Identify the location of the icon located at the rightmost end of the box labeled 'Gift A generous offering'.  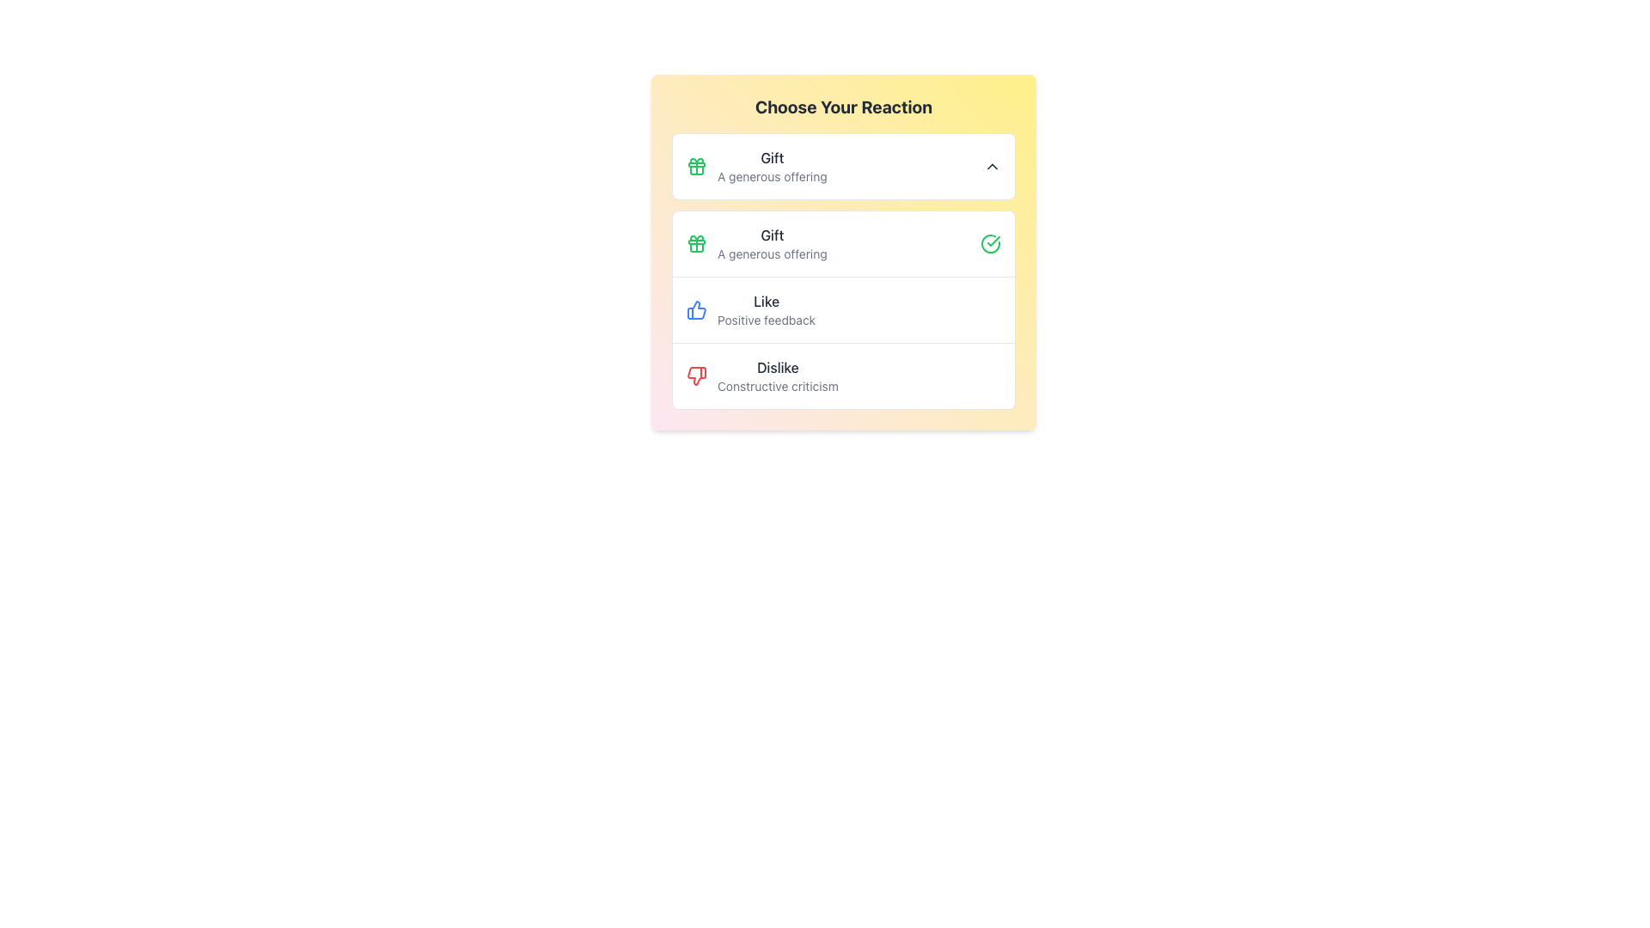
(993, 166).